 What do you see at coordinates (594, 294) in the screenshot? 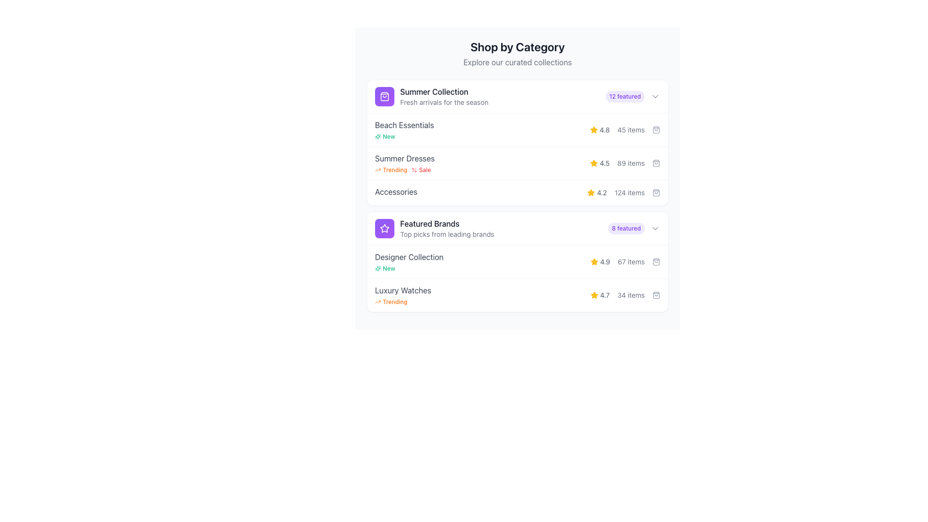
I see `the gold star icon representing the rating for the 'Luxury Watches' section in the 'Featured Brands' section` at bounding box center [594, 294].